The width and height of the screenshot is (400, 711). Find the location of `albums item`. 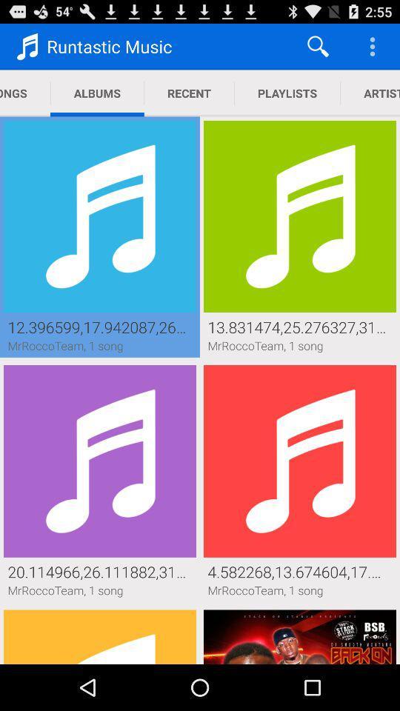

albums item is located at coordinates (97, 93).